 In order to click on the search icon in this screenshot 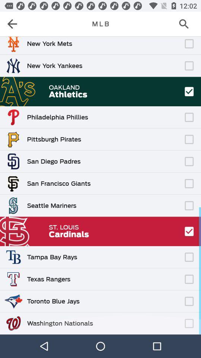, I will do `click(186, 24)`.